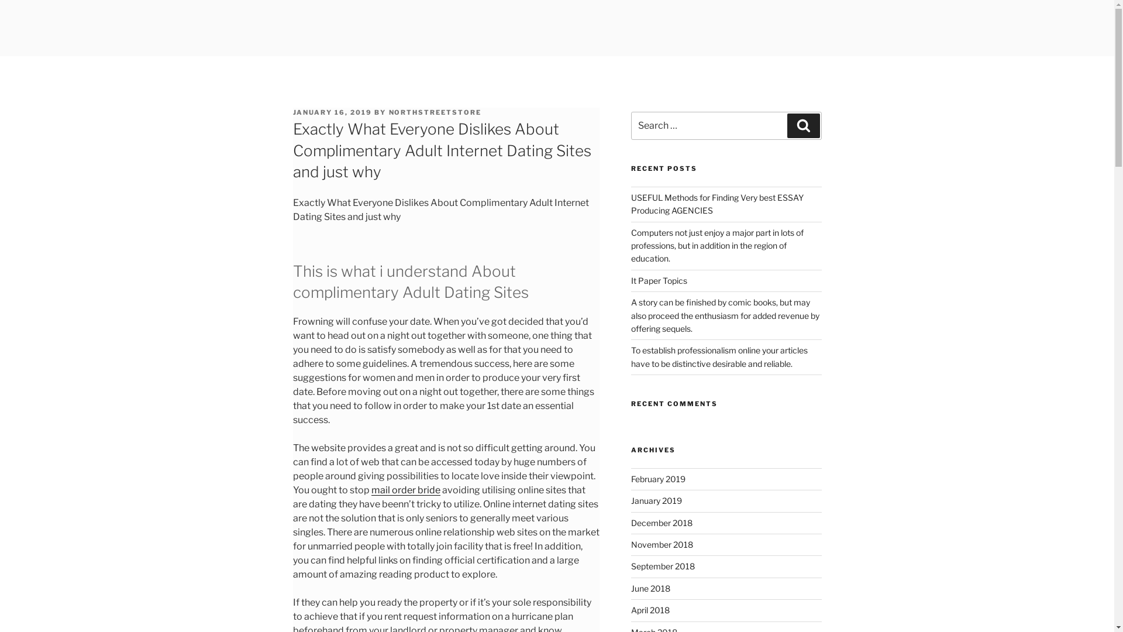  I want to click on 'January 2019', so click(656, 500).